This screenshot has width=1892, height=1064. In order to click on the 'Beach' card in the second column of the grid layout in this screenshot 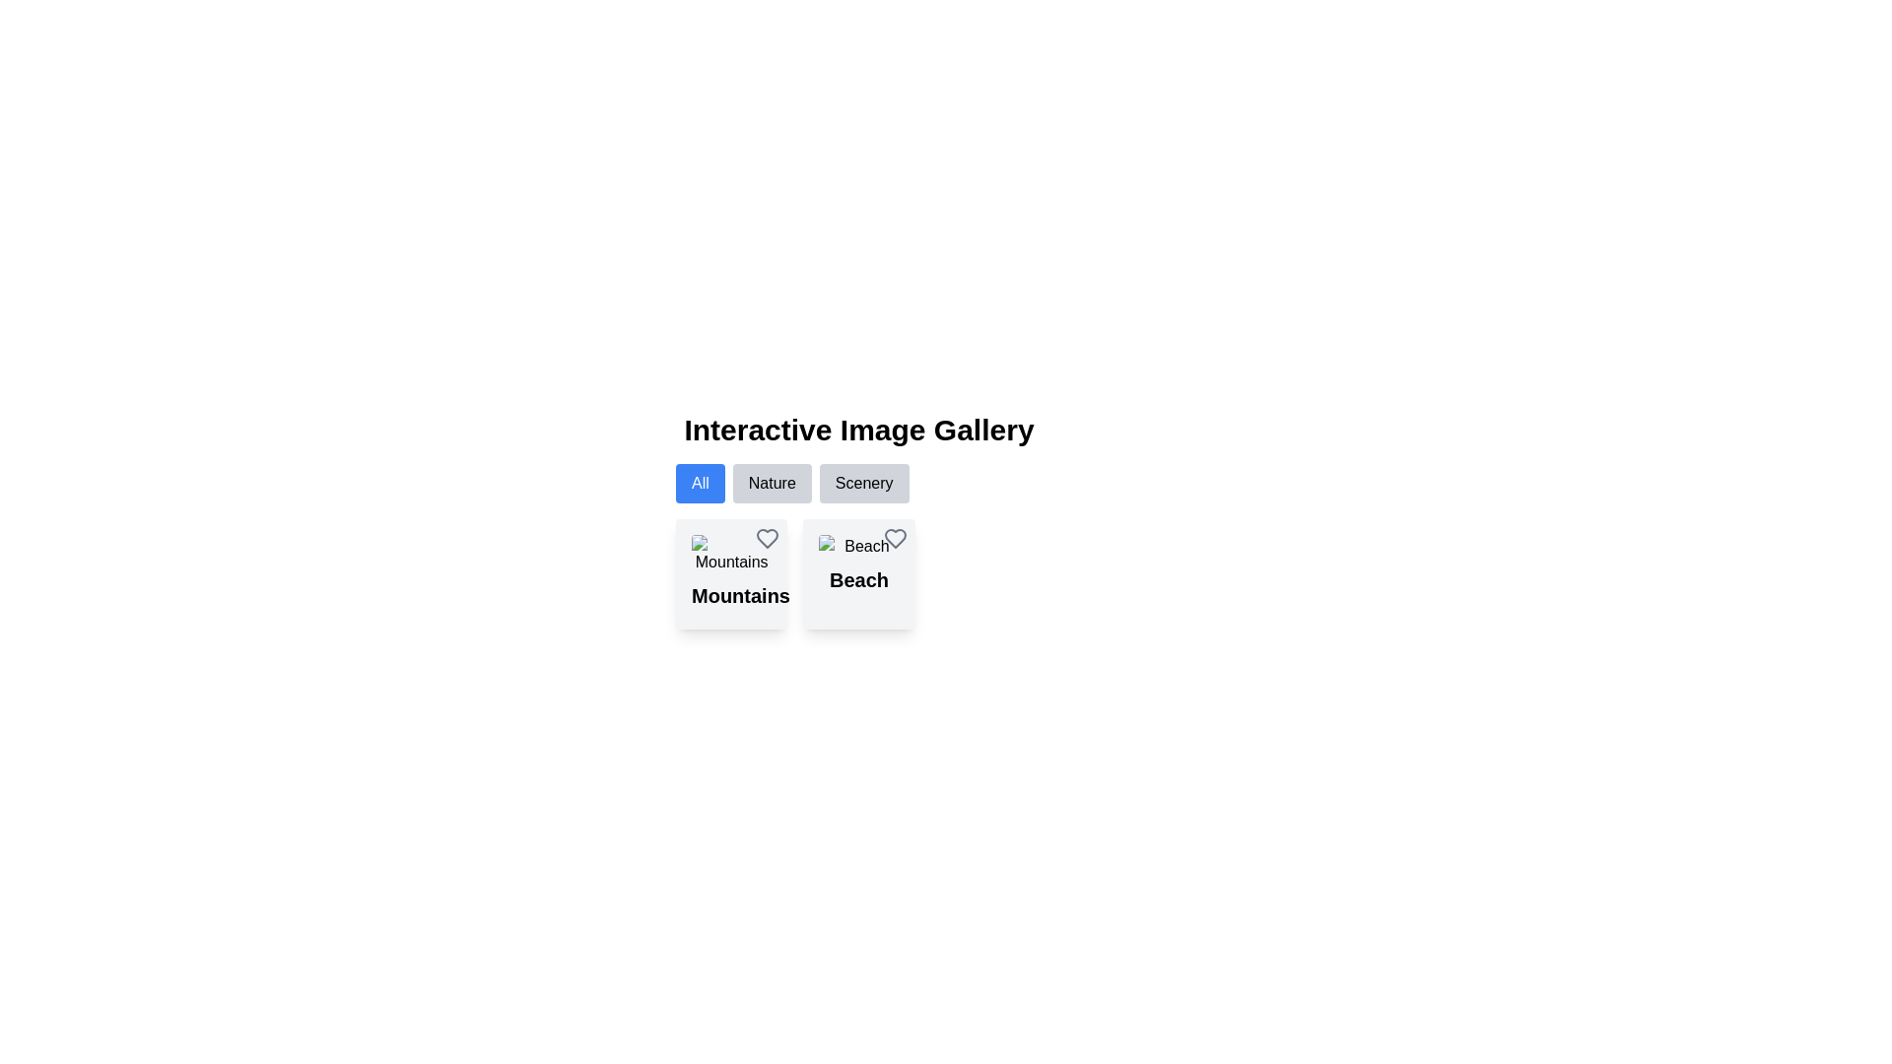, I will do `click(859, 573)`.